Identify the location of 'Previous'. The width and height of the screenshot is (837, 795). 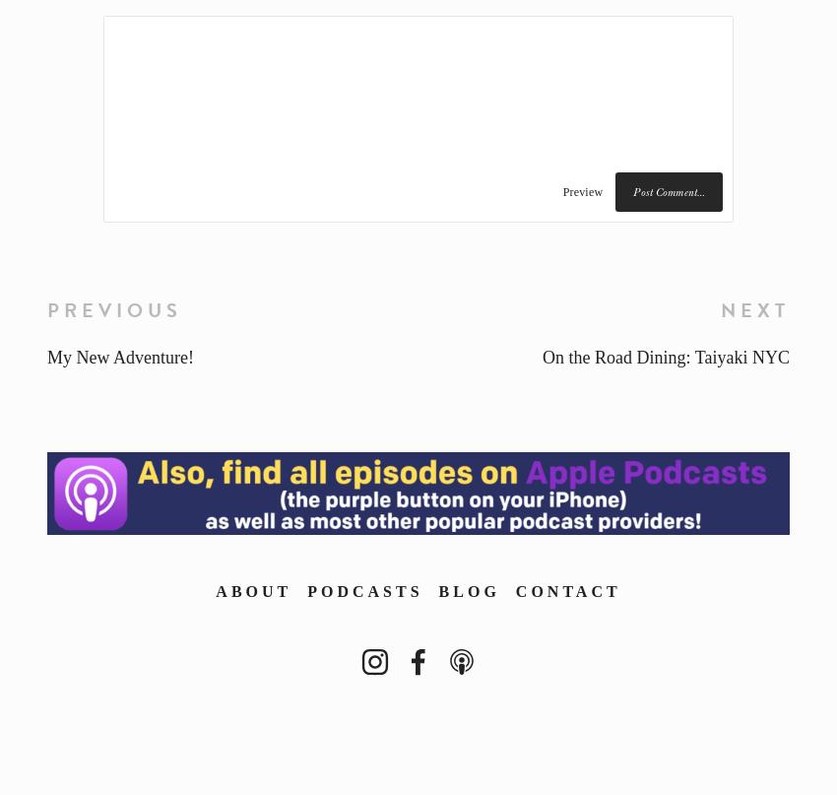
(113, 308).